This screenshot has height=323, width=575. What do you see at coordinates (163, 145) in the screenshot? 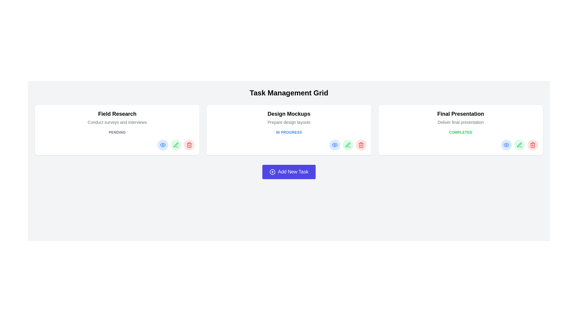
I see `the blue eye icon button located at the bottom-right corner of the 'Design Mockups' card` at bounding box center [163, 145].